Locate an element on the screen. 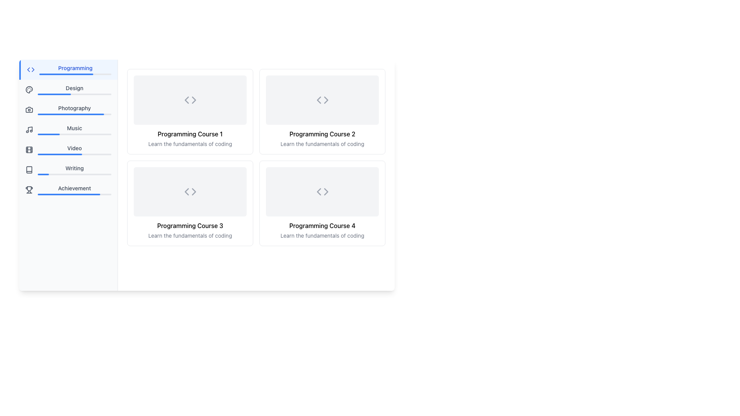 This screenshot has height=416, width=740. the film reel icon located on the left-hand sidebar within the 'Video' section is located at coordinates (29, 150).